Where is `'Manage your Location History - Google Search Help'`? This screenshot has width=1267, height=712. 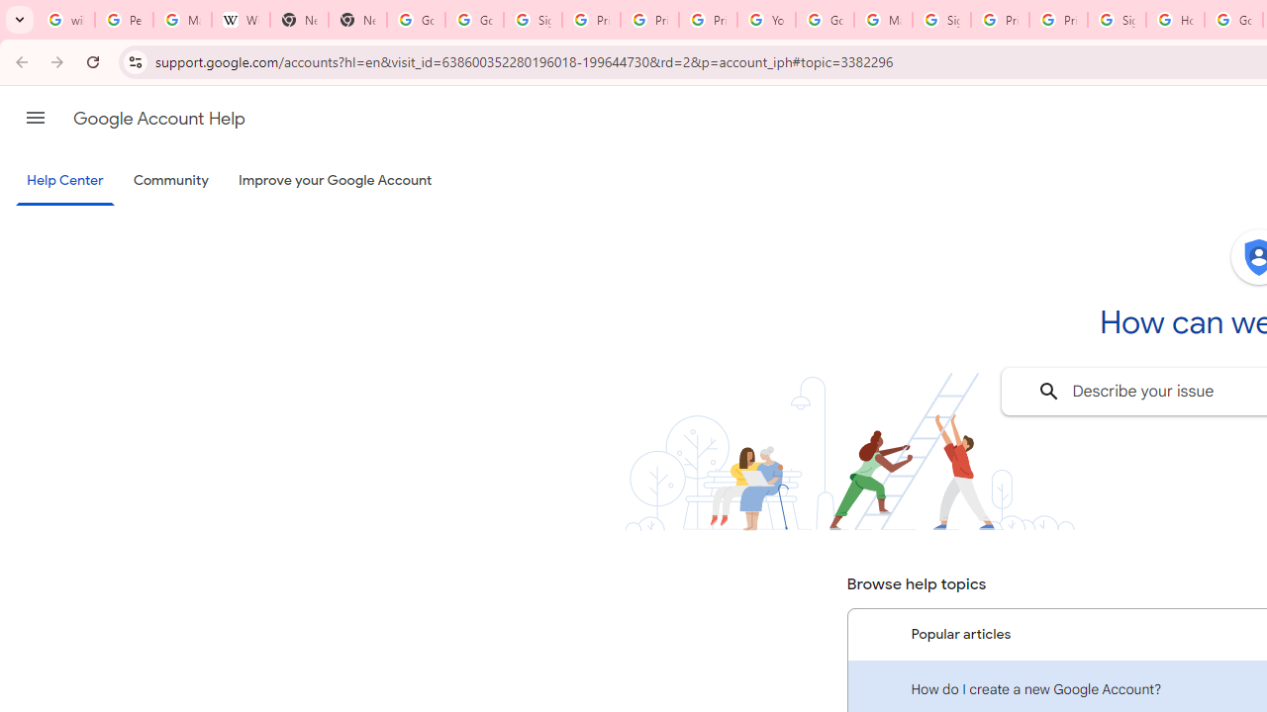 'Manage your Location History - Google Search Help' is located at coordinates (182, 20).